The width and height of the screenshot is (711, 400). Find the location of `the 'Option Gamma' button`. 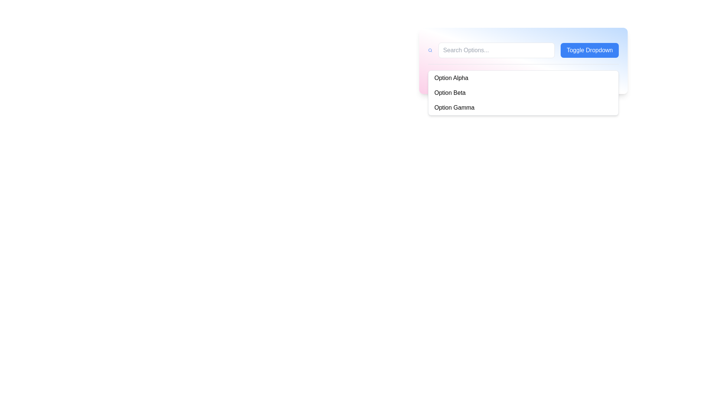

the 'Option Gamma' button is located at coordinates (523, 107).